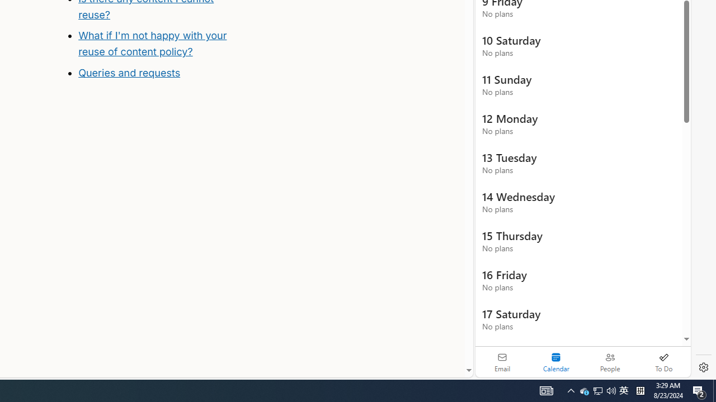 Image resolution: width=716 pixels, height=402 pixels. What do you see at coordinates (663, 362) in the screenshot?
I see `'To Do'` at bounding box center [663, 362].